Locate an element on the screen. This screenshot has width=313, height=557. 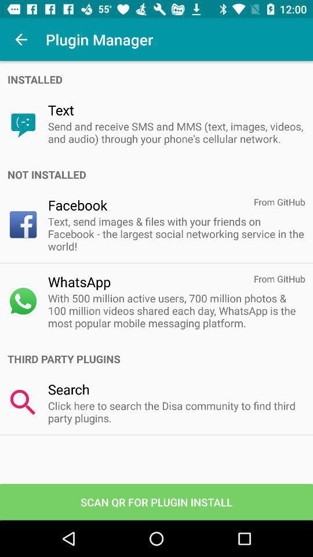
the item above third party plugins is located at coordinates (176, 310).